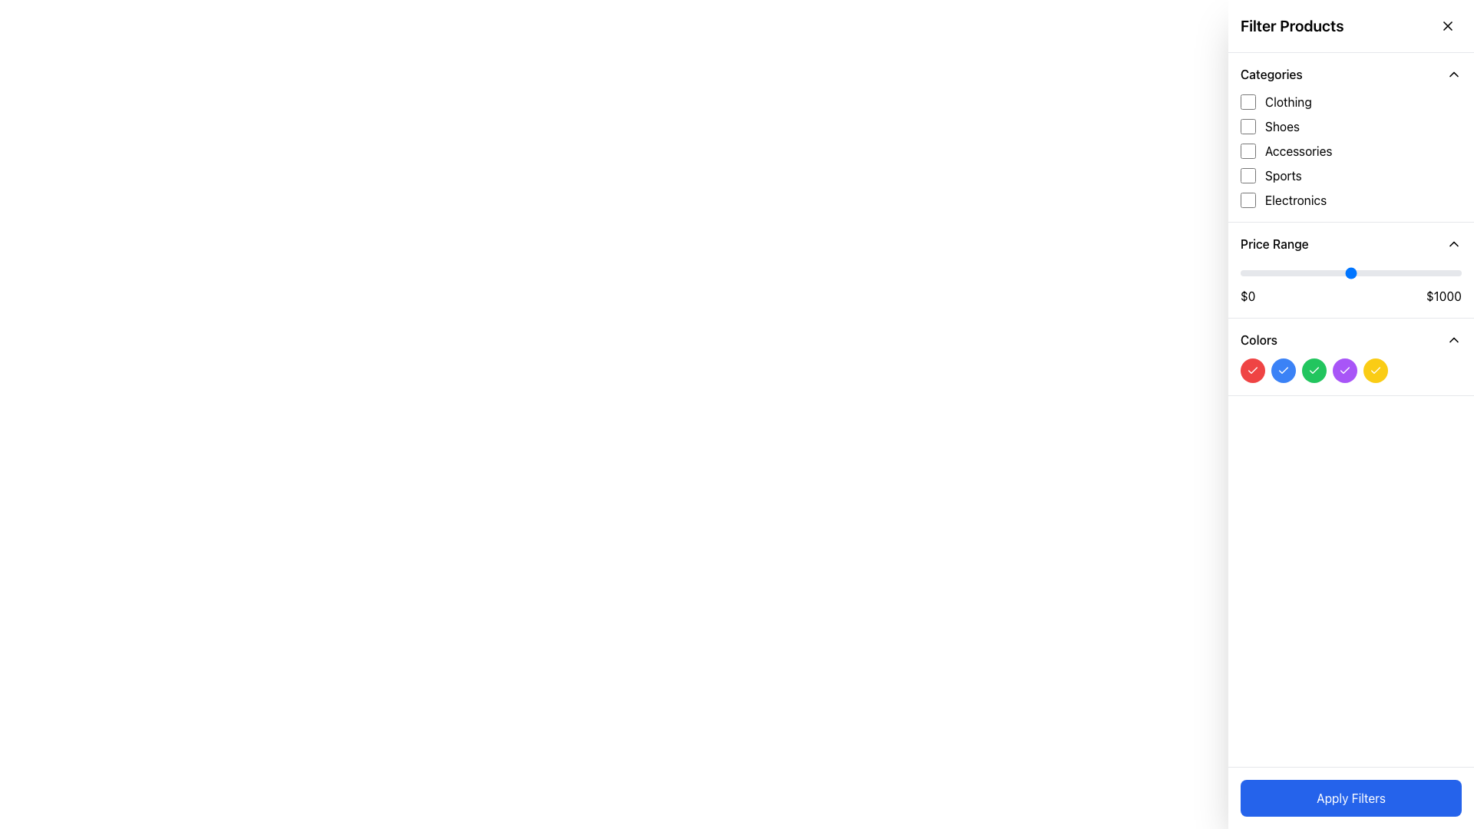  I want to click on the price range slider, so click(1307, 272).